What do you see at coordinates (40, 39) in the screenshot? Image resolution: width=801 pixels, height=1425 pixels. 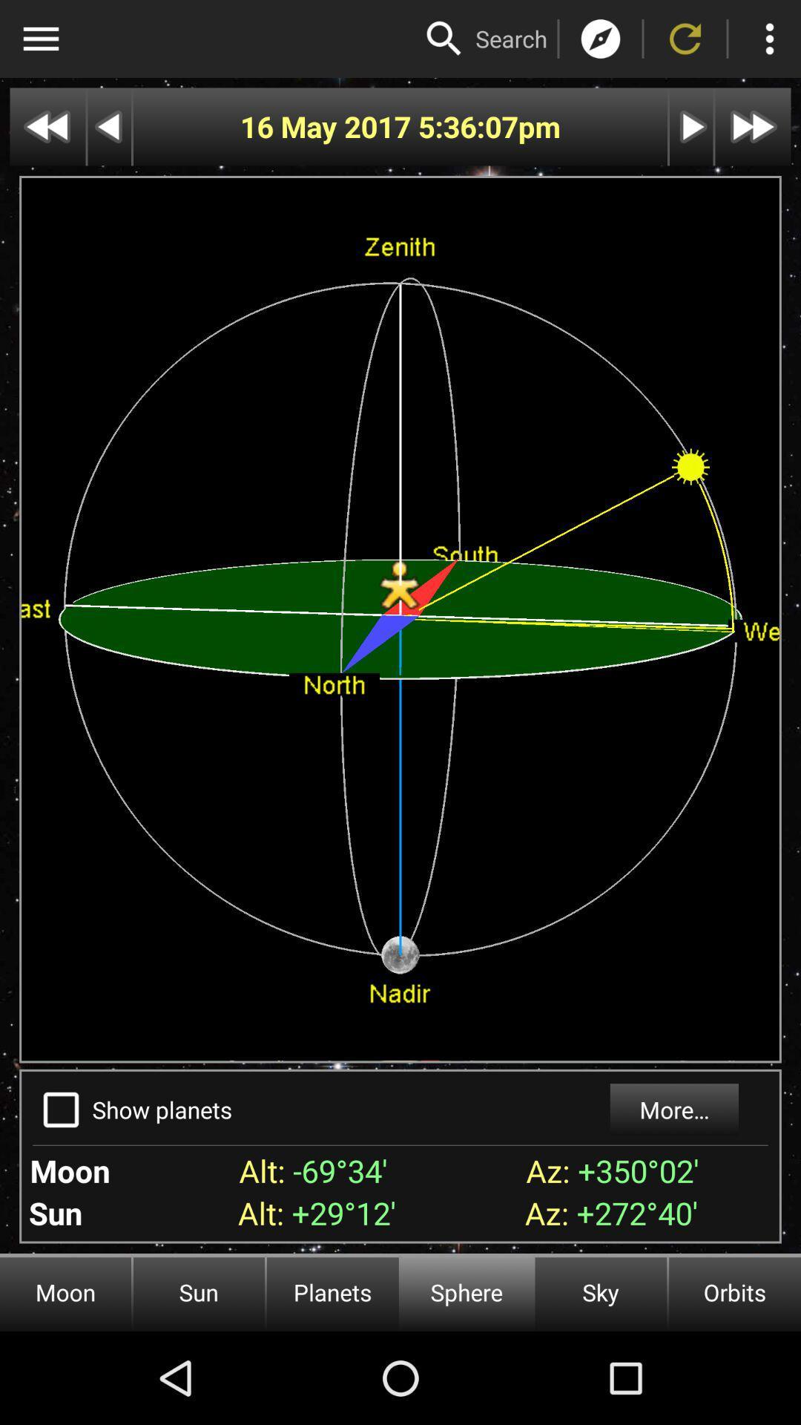 I see `option menu` at bounding box center [40, 39].